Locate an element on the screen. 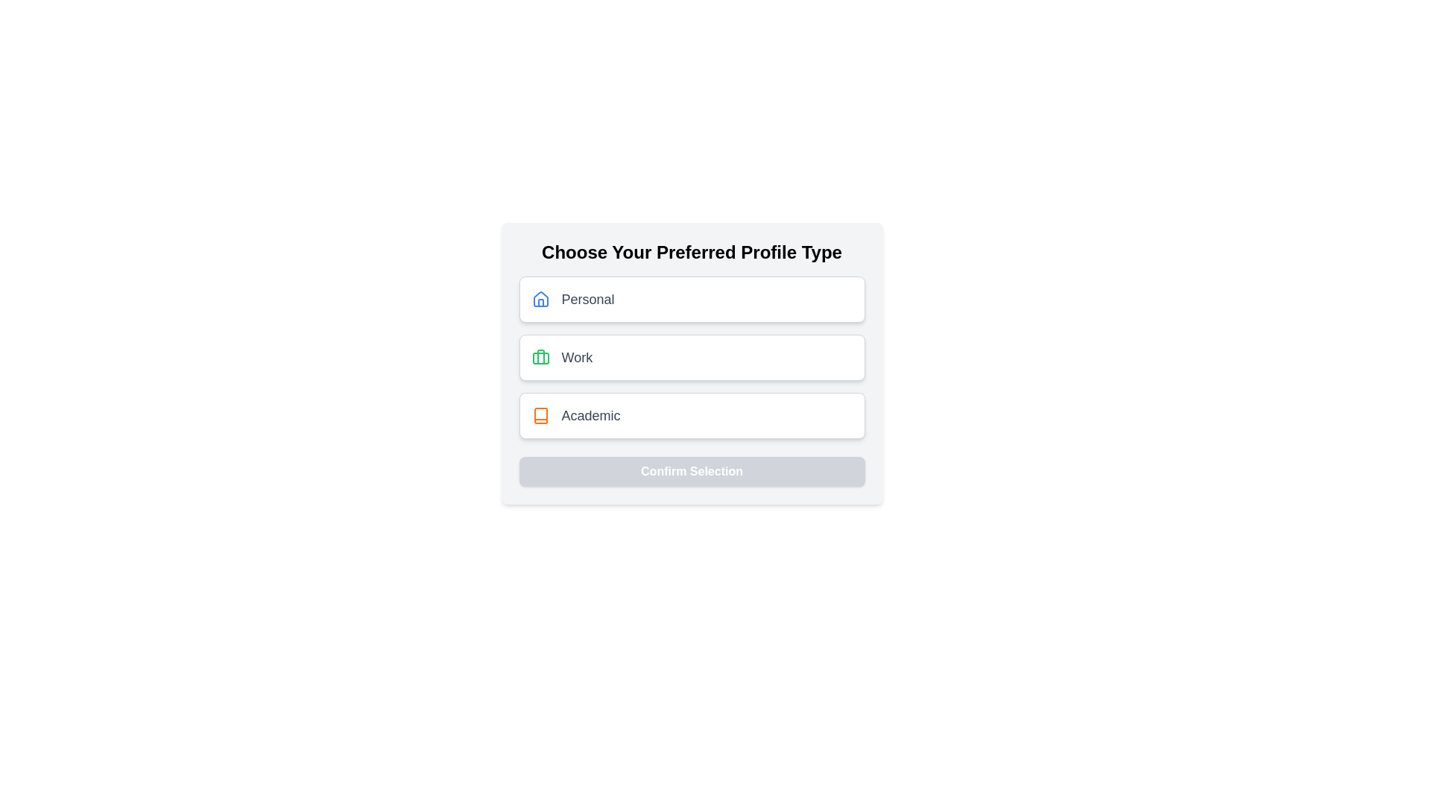  the prominent orange book icon located within the 'Academic' option in the profile type selection section is located at coordinates (540, 416).